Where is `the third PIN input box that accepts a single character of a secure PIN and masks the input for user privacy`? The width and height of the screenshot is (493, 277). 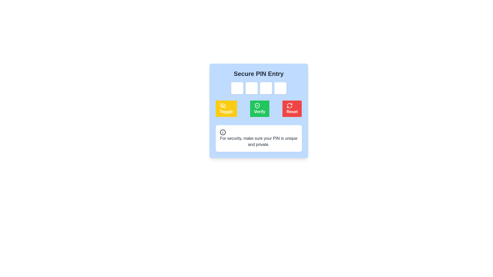
the third PIN input box that accepts a single character of a secure PIN and masks the input for user privacy is located at coordinates (266, 88).